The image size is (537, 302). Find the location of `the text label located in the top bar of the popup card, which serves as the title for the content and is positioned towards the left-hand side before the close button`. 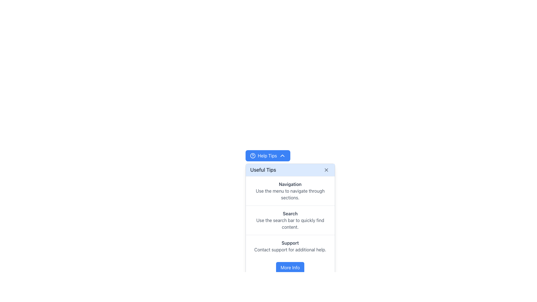

the text label located in the top bar of the popup card, which serves as the title for the content and is positioned towards the left-hand side before the close button is located at coordinates (263, 170).